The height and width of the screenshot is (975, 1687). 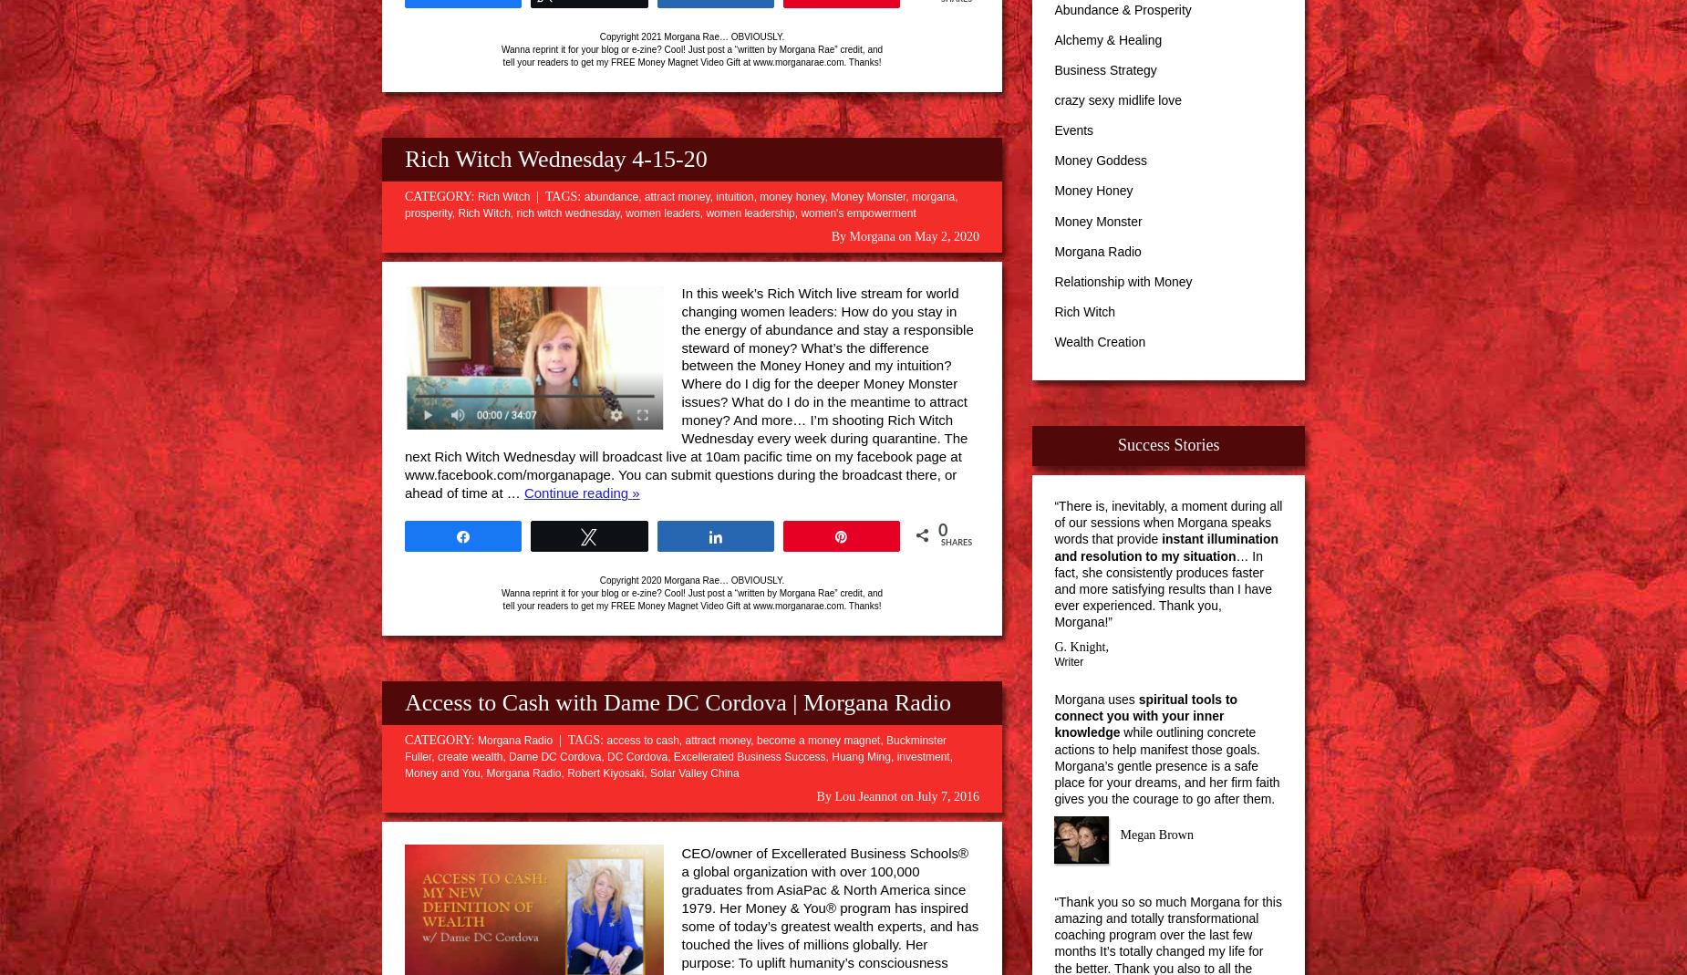 I want to click on 'Rich Witch Wednesday 4-15-20', so click(x=555, y=158).